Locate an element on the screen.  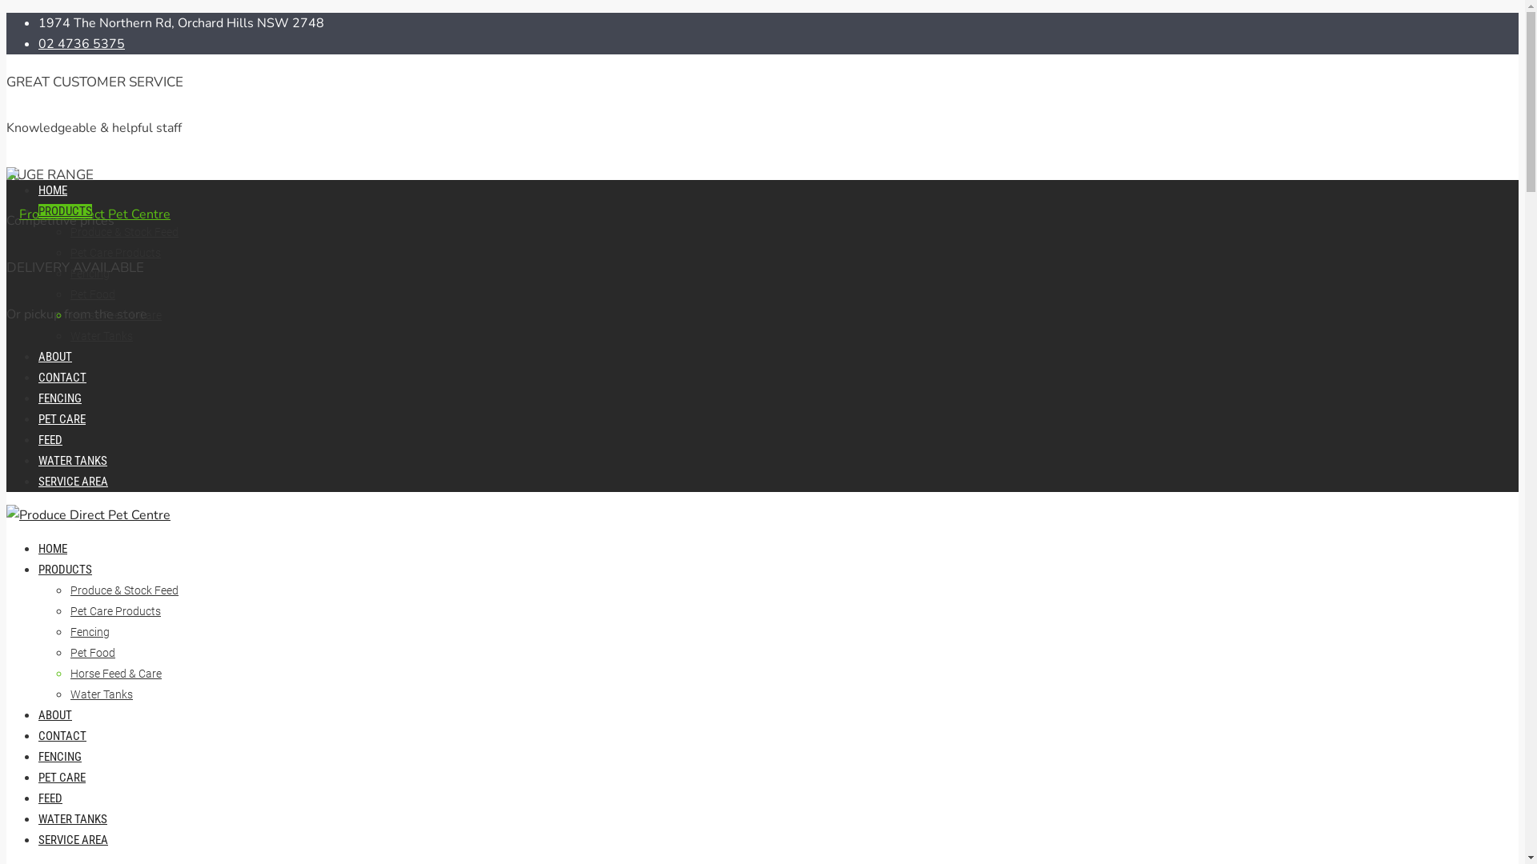
'Produce & Stock Feed' is located at coordinates (69, 590).